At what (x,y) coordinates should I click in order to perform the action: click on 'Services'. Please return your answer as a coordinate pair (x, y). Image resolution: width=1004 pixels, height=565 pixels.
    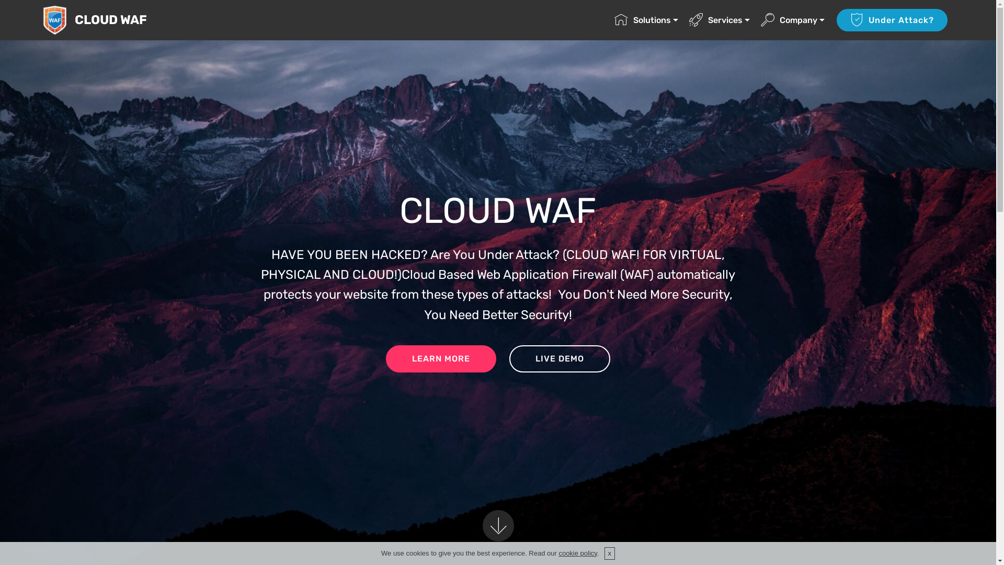
    Looking at the image, I should click on (719, 20).